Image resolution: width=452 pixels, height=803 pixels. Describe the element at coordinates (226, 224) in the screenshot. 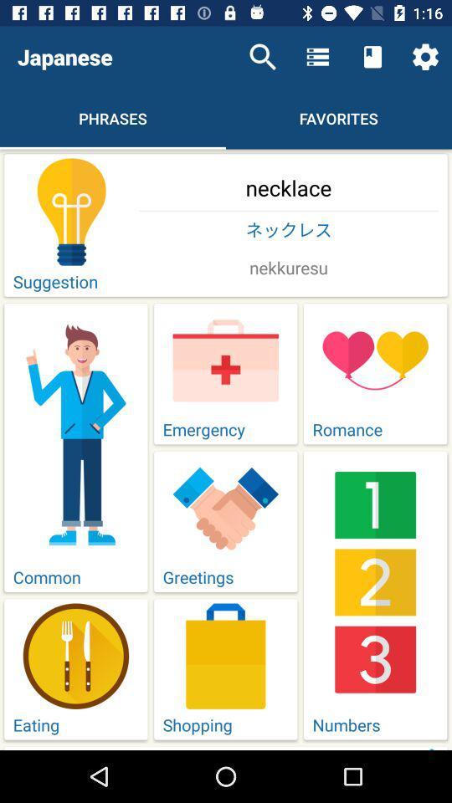

I see `the first button below the tab phrases` at that location.